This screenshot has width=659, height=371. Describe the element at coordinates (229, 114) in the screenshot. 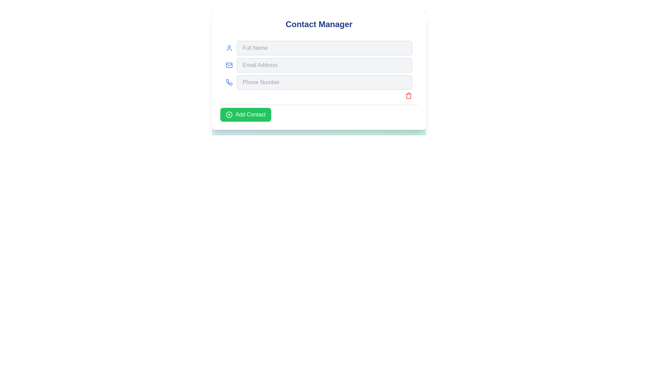

I see `the decorative icon on the left part of the 'Add Contact' button at the bottom-left of the form panel` at that location.